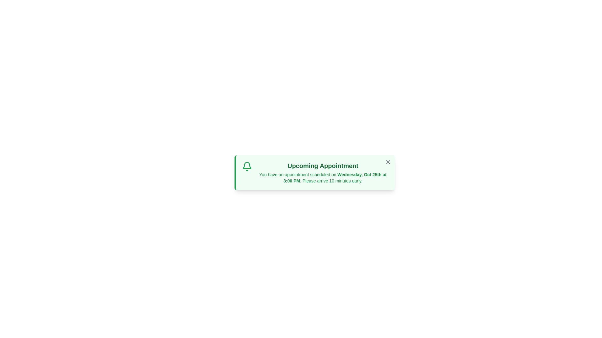  I want to click on the text block displaying the 'Upcoming Appointment' reminder, which is centrally positioned within the notification card, so click(323, 172).